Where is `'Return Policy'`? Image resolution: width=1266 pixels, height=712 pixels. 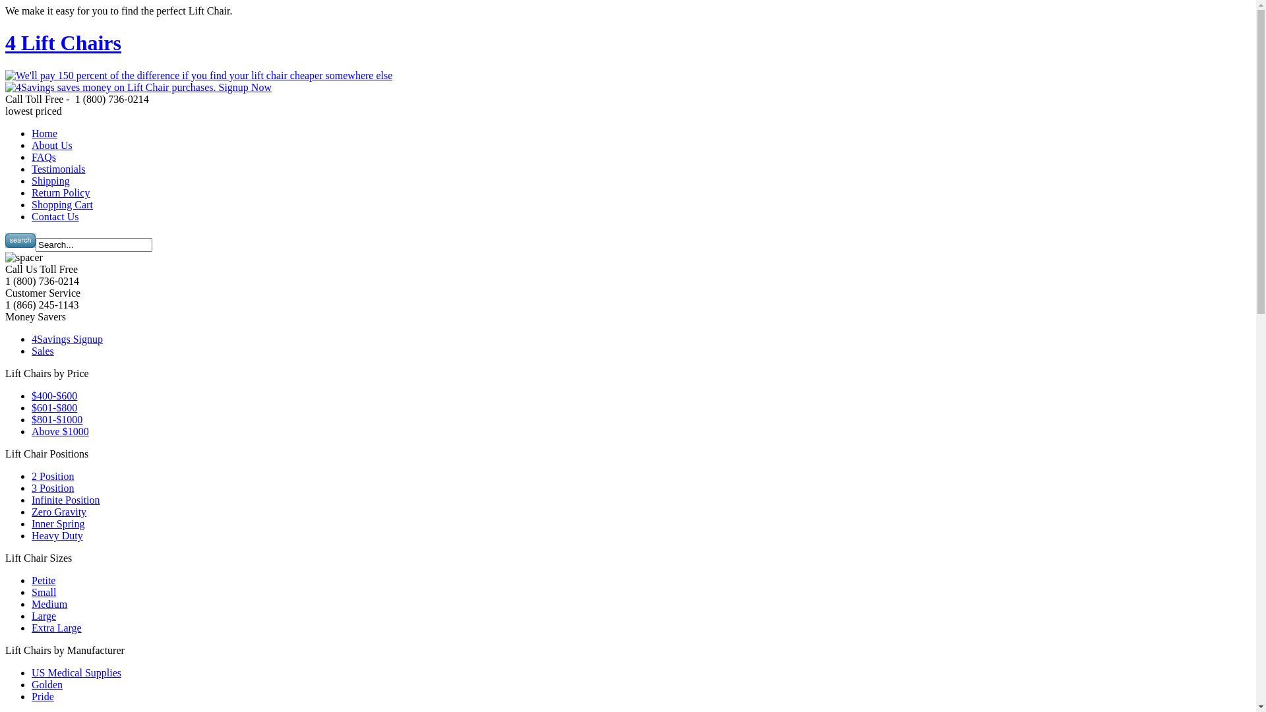 'Return Policy' is located at coordinates (59, 193).